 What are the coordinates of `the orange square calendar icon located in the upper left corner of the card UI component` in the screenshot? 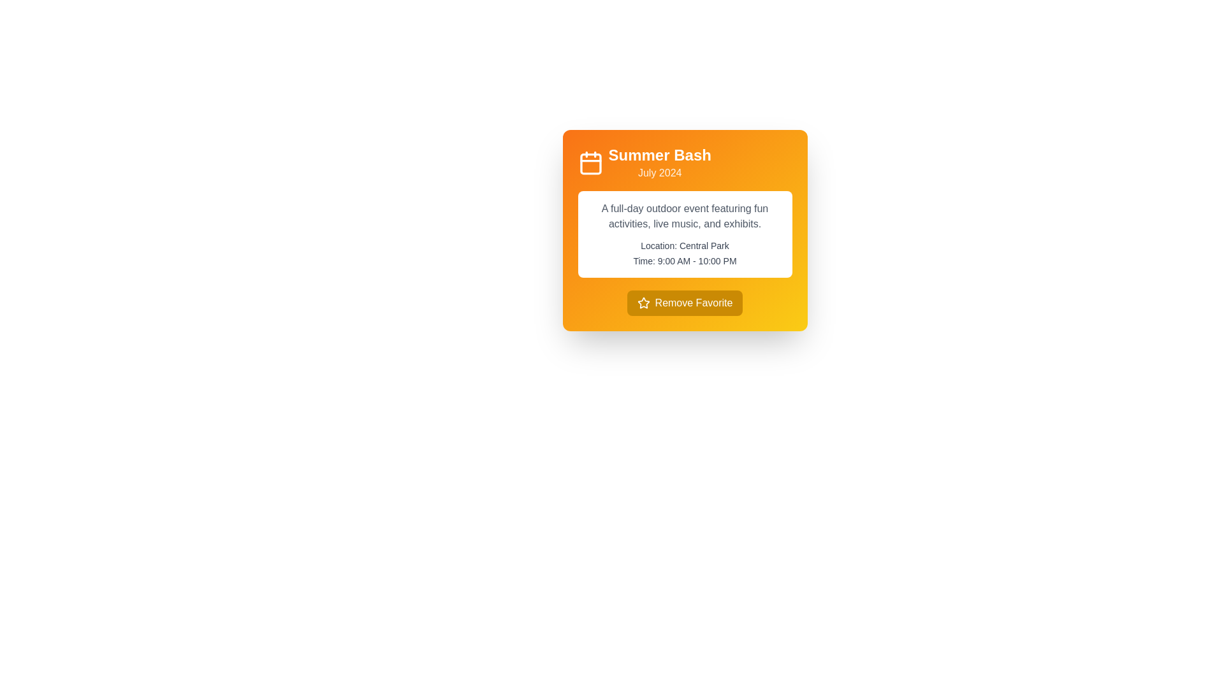 It's located at (590, 163).